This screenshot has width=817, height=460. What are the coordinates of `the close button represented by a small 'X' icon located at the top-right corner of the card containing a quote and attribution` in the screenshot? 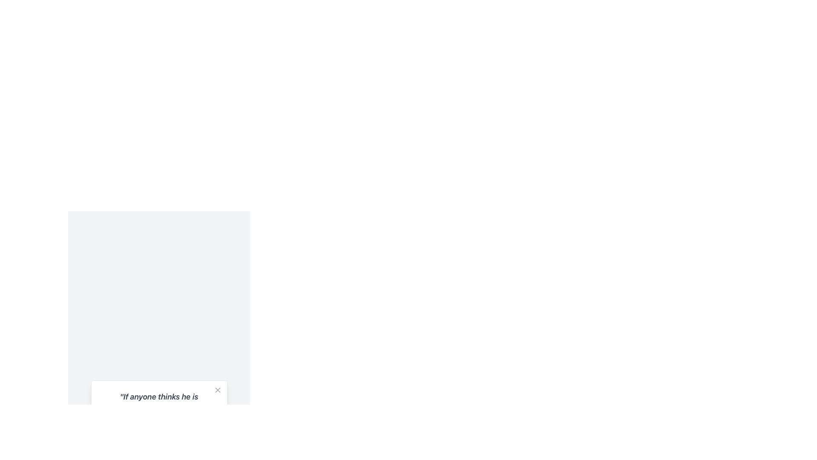 It's located at (217, 390).